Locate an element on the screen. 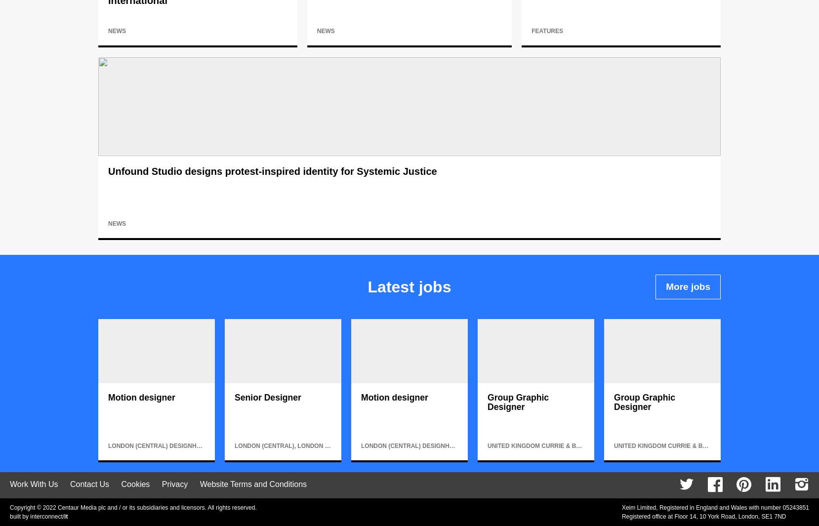  'Cookies' is located at coordinates (135, 484).